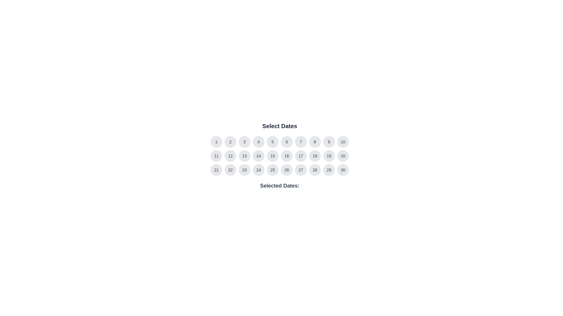  What do you see at coordinates (216, 142) in the screenshot?
I see `the circular button with a light gray background and dark gray number '1' for keyboard navigation` at bounding box center [216, 142].